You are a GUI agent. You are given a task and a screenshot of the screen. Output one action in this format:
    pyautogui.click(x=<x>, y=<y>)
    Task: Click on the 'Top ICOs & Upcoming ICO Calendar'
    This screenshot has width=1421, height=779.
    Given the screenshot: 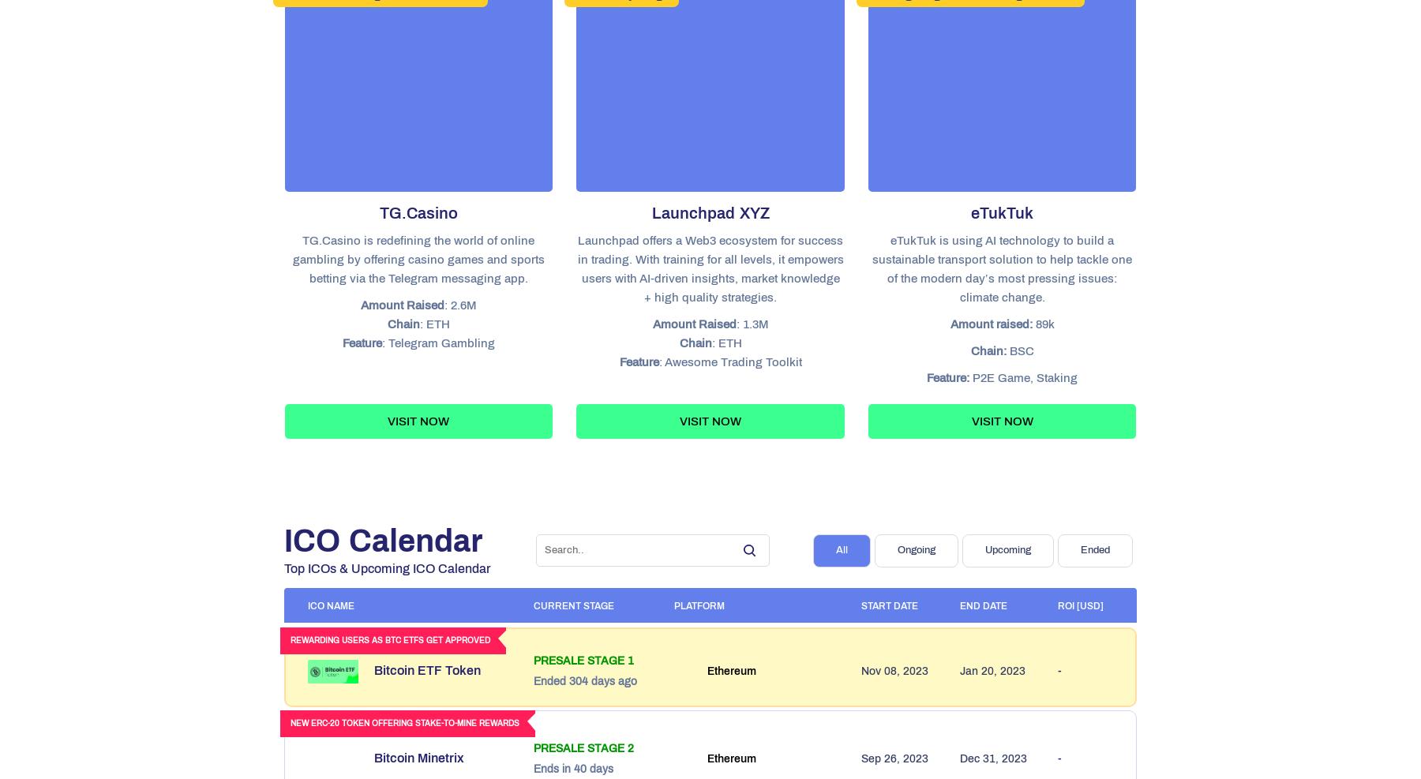 What is the action you would take?
    pyautogui.click(x=284, y=567)
    